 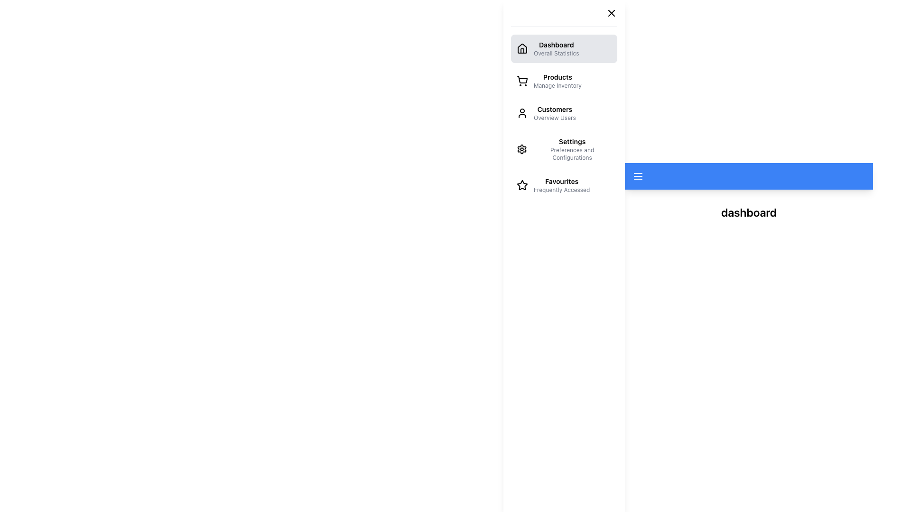 What do you see at coordinates (521, 49) in the screenshot?
I see `the house-shaped icon representing the 'Dashboard' in the vertical navigation menu` at bounding box center [521, 49].